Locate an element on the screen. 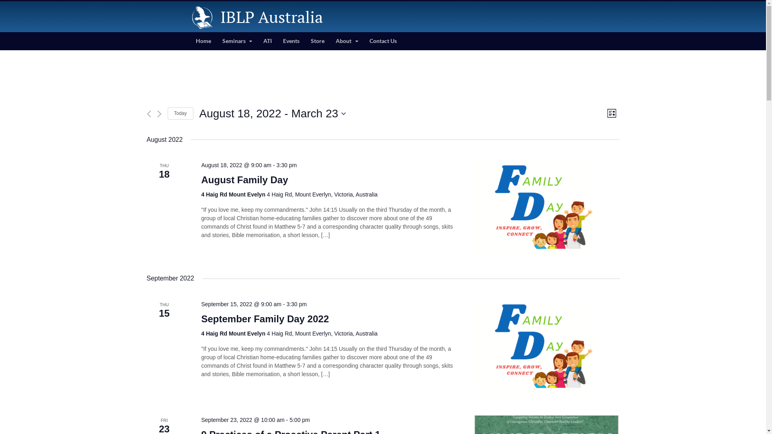  'September Family Day 2022' is located at coordinates (265, 319).